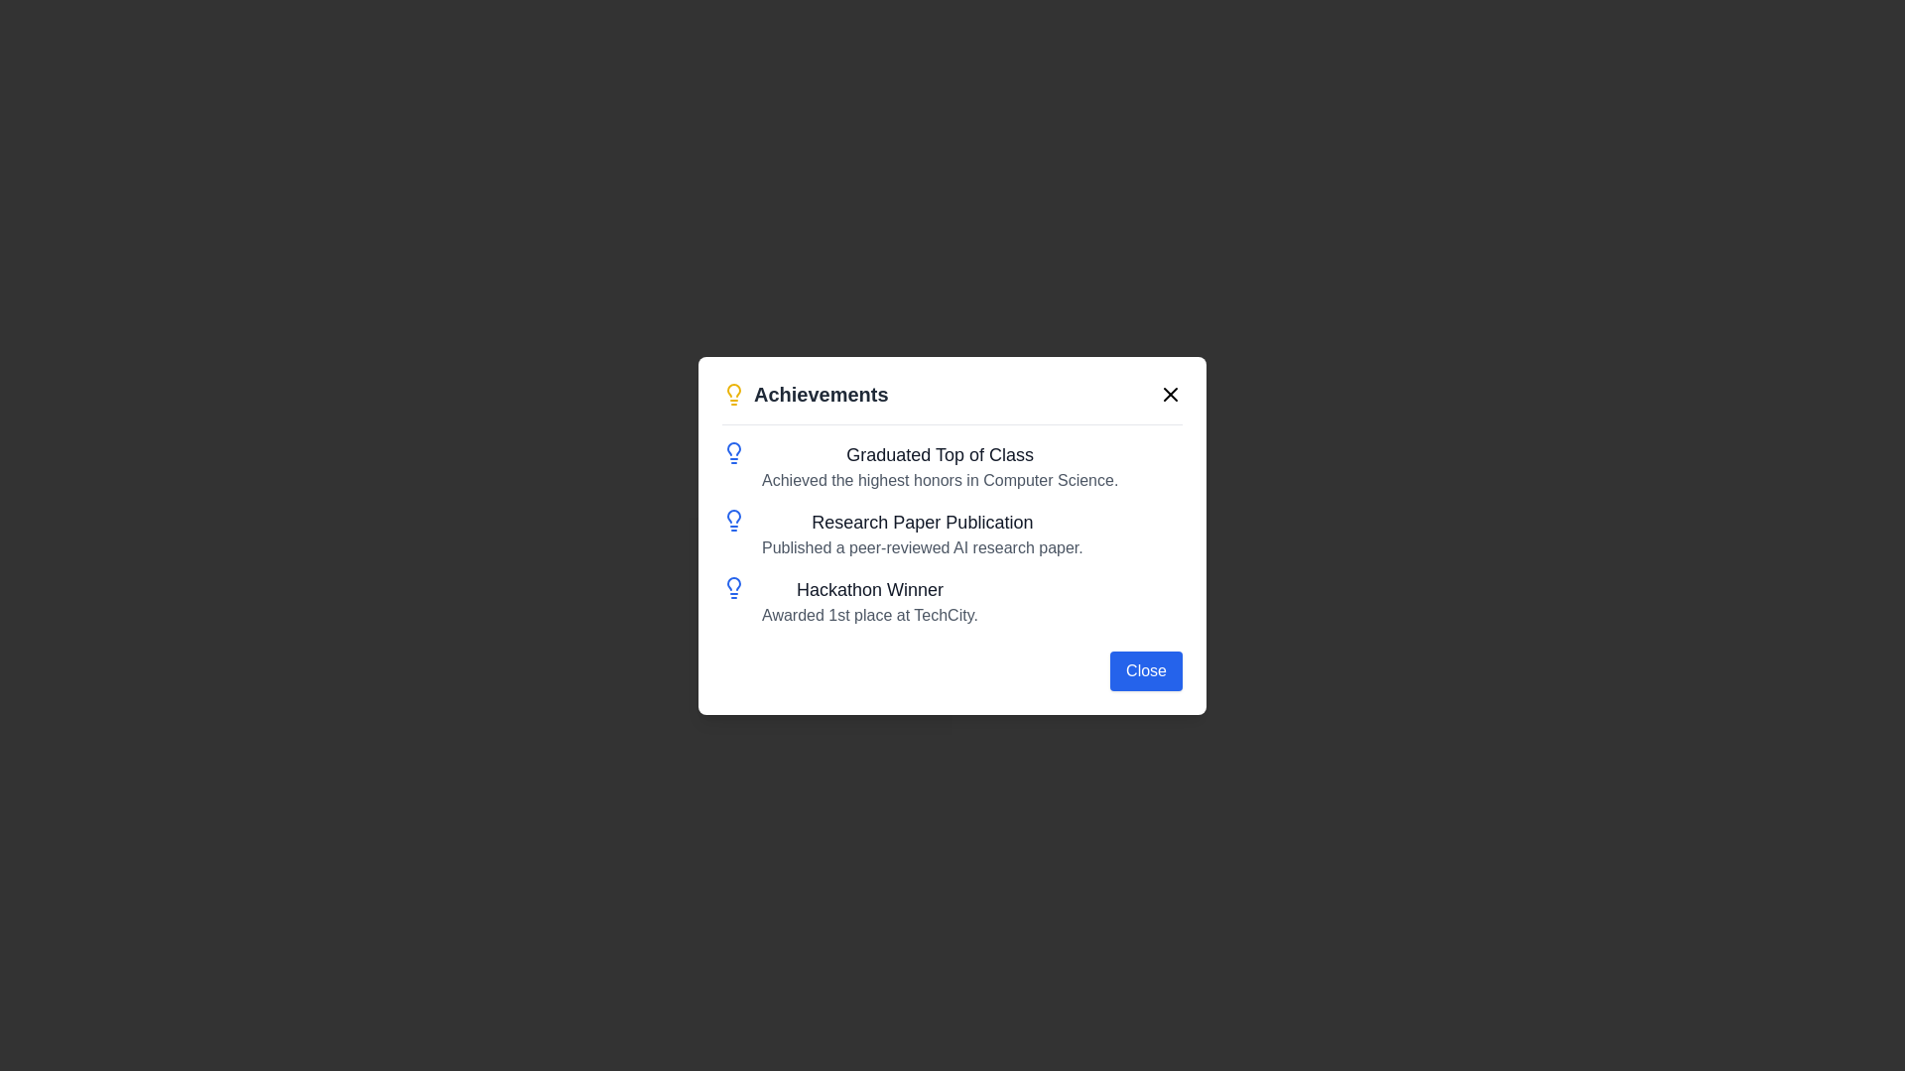 This screenshot has width=1905, height=1071. Describe the element at coordinates (805, 394) in the screenshot. I see `the 'Achievements' header element, which includes a bold text and a lightbulb icon, located at the top-left corner of the modal window` at that location.